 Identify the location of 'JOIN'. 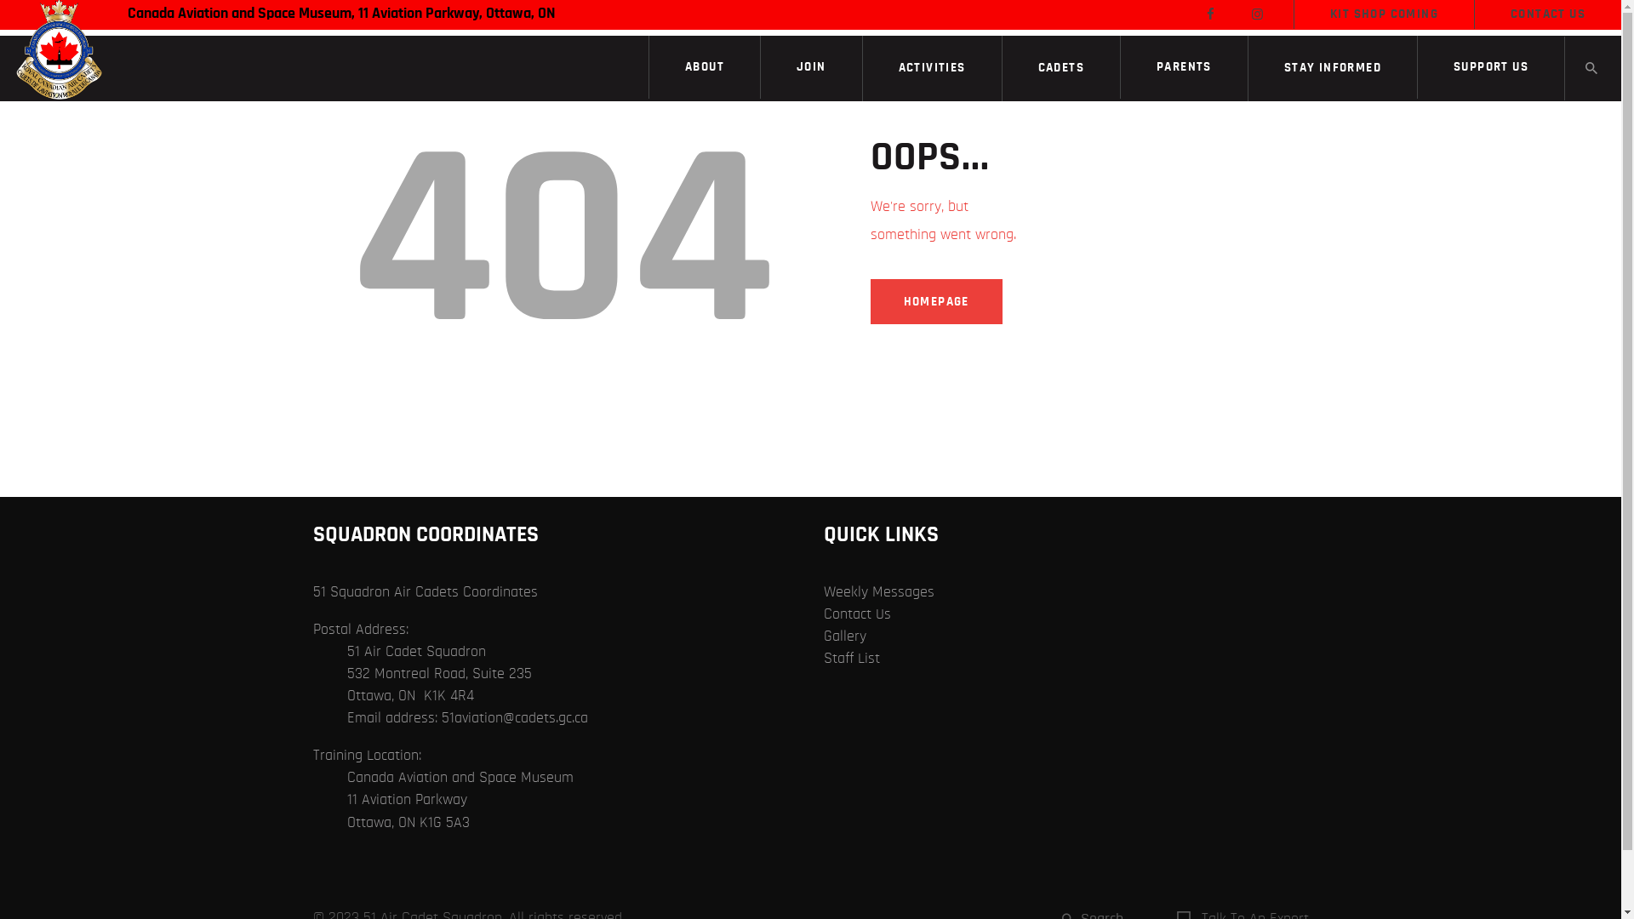
(810, 66).